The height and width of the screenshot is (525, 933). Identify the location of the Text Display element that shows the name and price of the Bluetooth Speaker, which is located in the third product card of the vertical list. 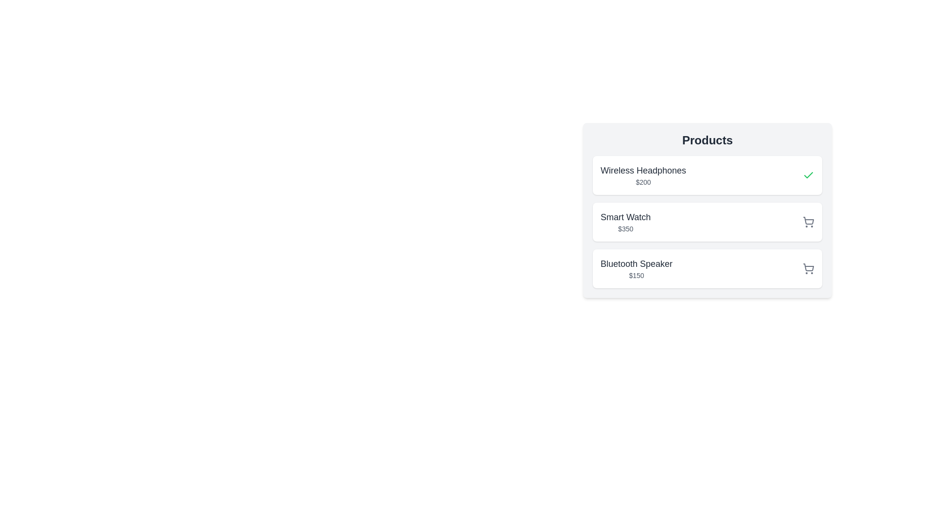
(637, 268).